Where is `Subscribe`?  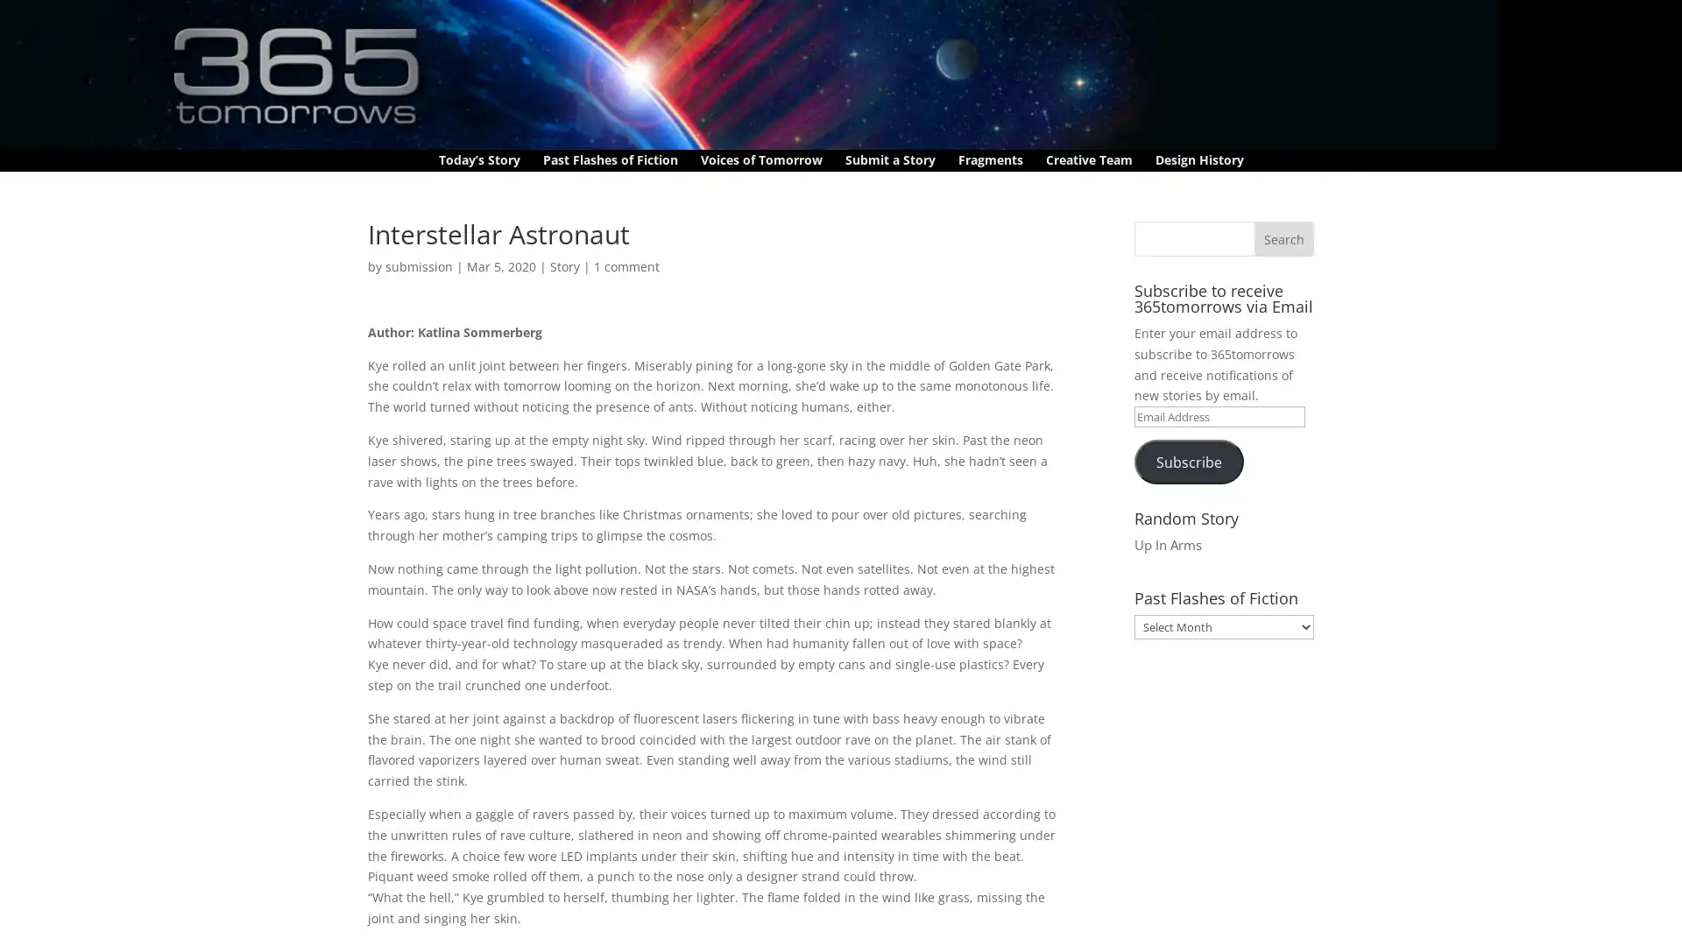
Subscribe is located at coordinates (1188, 461).